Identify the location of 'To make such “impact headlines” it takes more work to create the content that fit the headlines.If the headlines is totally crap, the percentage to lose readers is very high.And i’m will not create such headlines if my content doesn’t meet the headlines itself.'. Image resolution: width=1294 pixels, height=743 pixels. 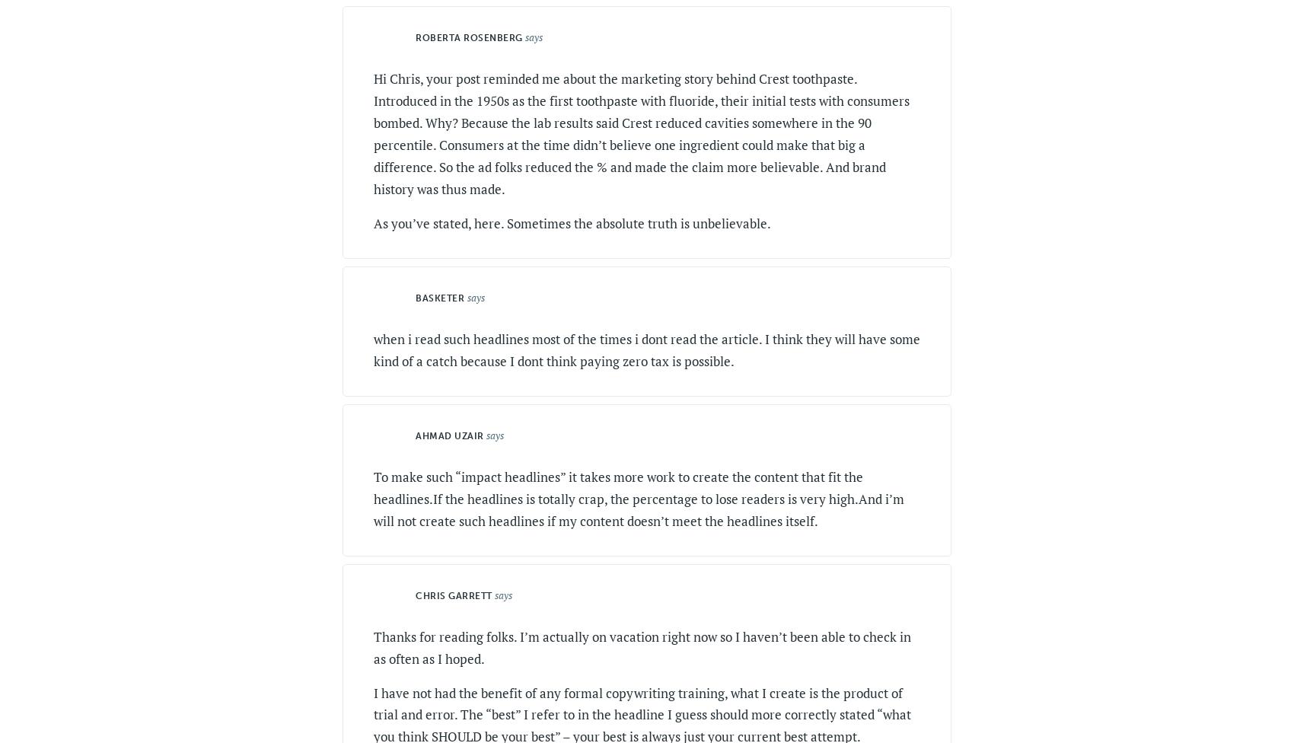
(638, 497).